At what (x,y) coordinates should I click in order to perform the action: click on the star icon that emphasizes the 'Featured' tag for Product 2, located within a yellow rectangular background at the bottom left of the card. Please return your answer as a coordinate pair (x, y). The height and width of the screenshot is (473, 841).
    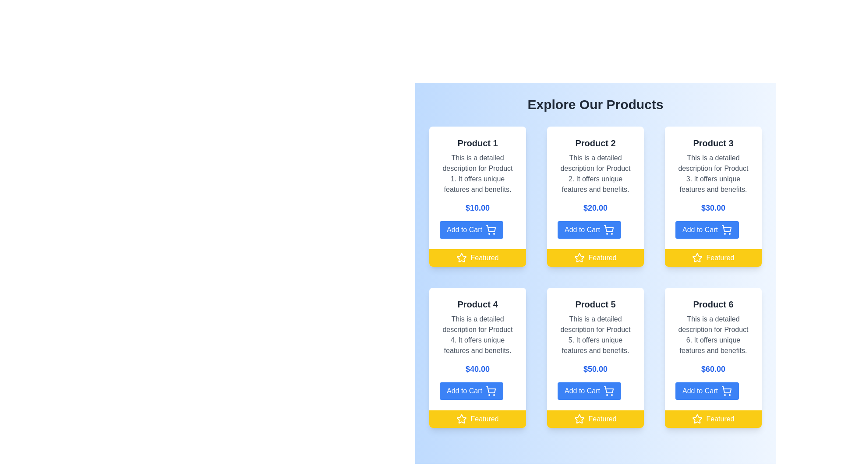
    Looking at the image, I should click on (580, 258).